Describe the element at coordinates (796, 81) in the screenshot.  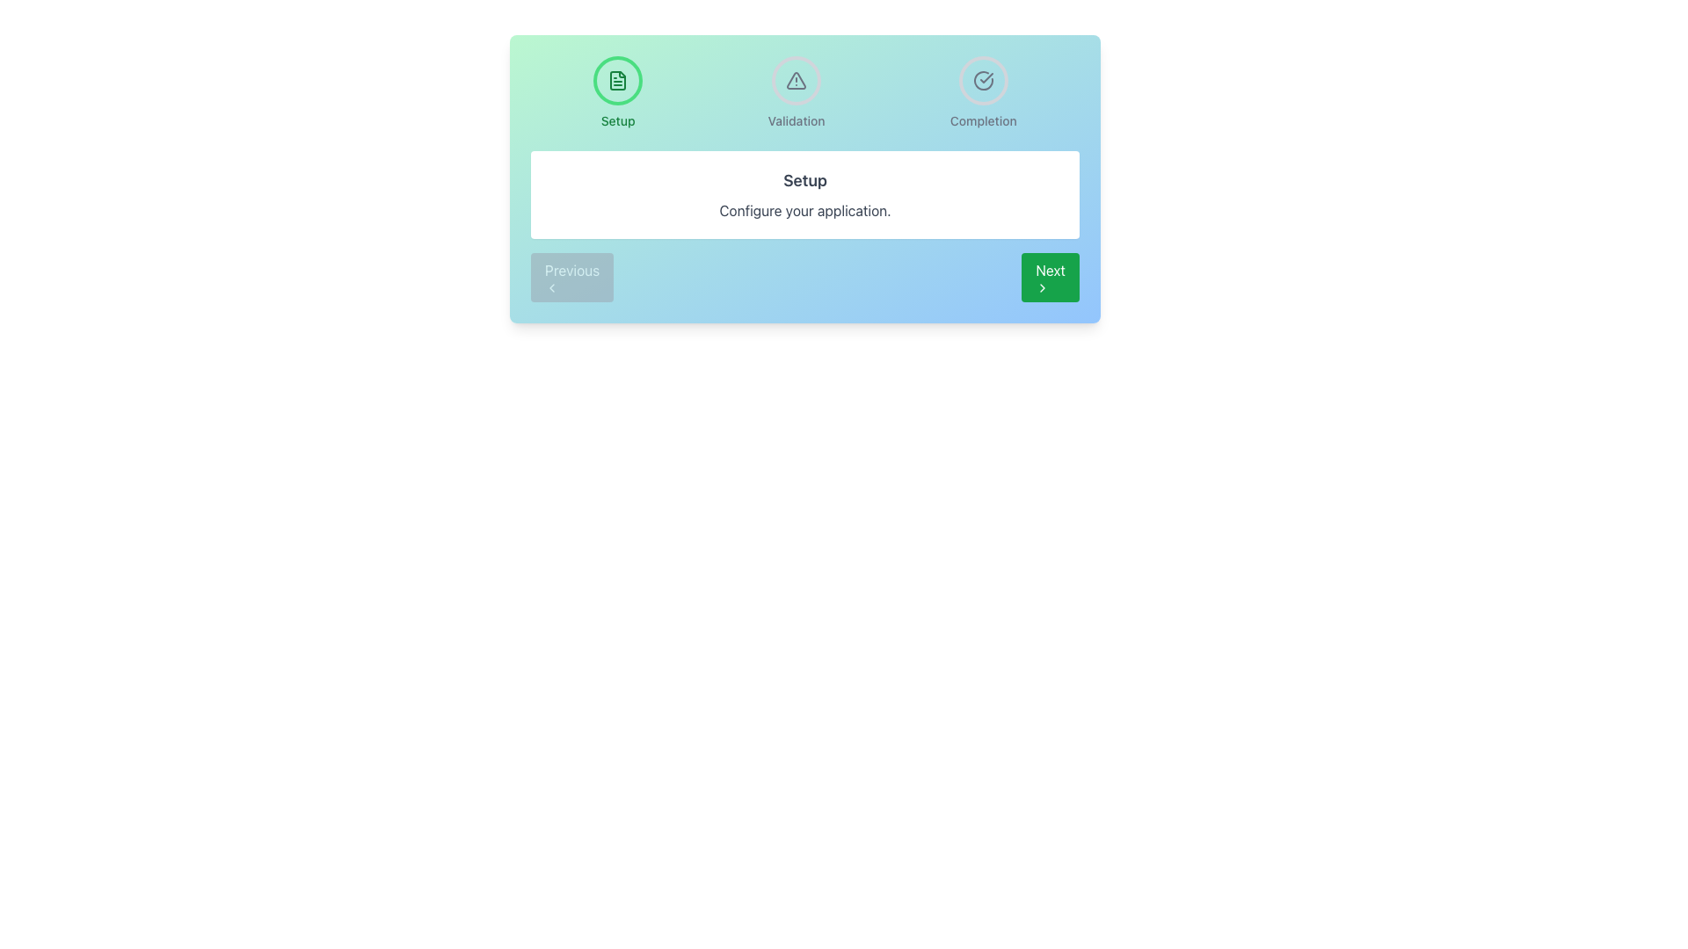
I see `the 'Validation' step icon, which is the second step in the horizontal stepper interface located centrally at the top` at that location.